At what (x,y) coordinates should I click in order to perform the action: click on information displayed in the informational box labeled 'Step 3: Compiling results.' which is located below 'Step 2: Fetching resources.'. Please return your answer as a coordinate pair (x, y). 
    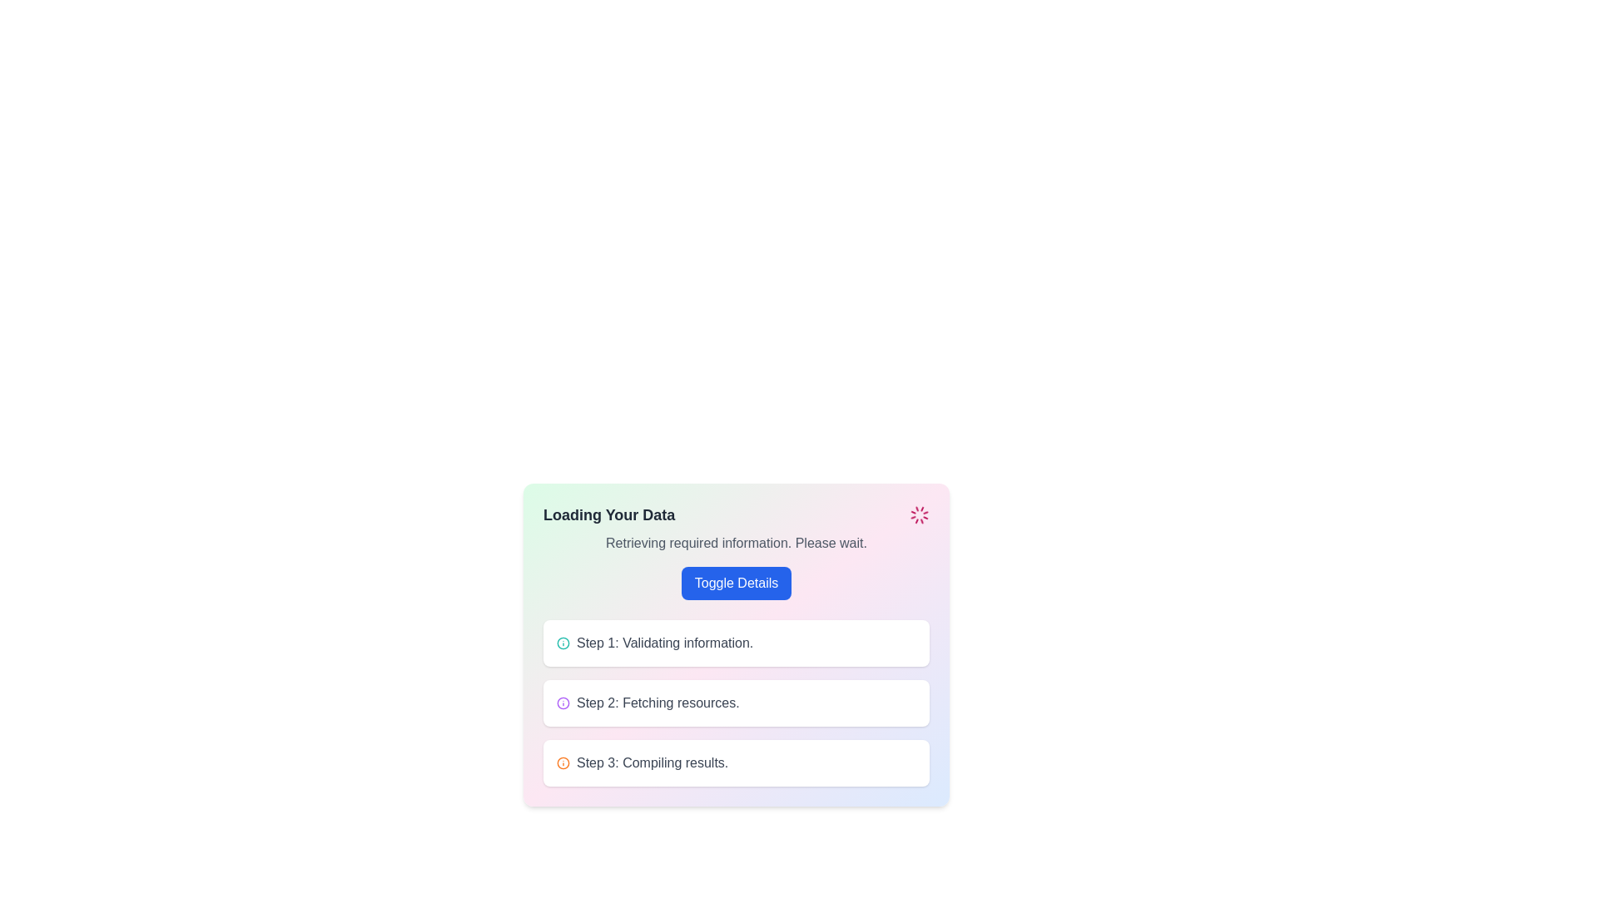
    Looking at the image, I should click on (735, 763).